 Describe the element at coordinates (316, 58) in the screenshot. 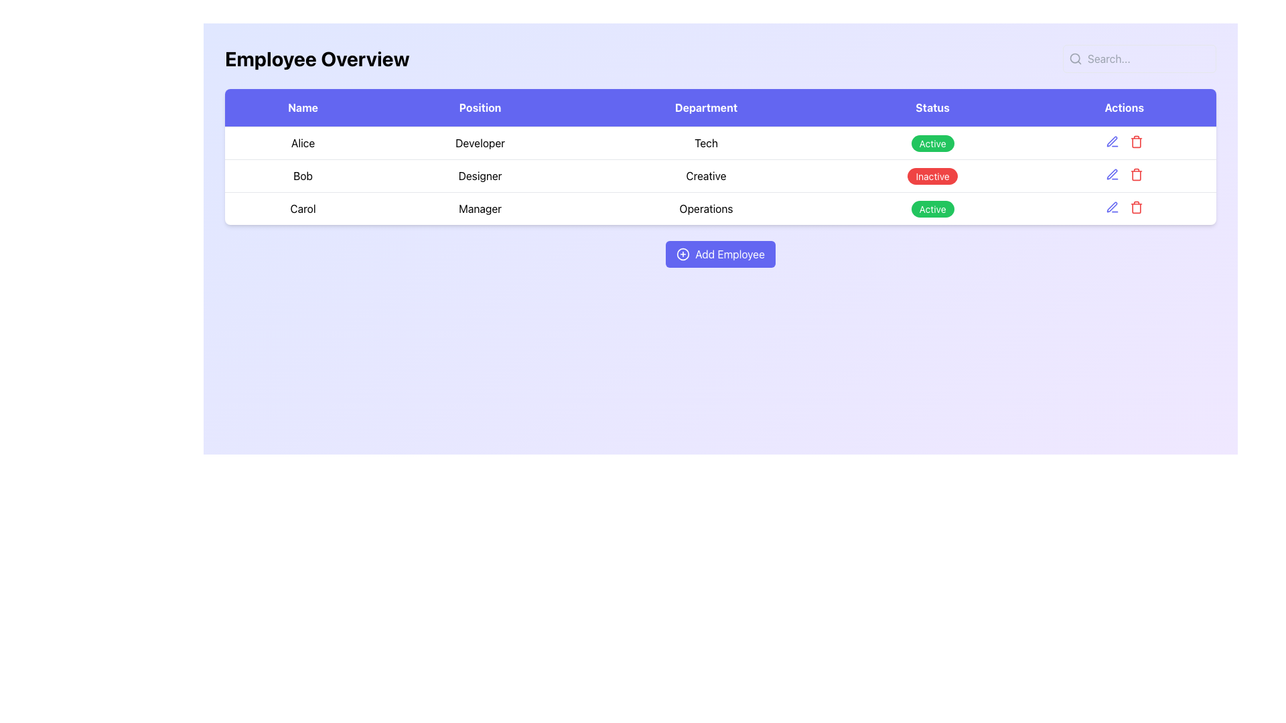

I see `text heading that serves as the title for the section, indicating an overview of employees, located at the top-left of the interface` at that location.